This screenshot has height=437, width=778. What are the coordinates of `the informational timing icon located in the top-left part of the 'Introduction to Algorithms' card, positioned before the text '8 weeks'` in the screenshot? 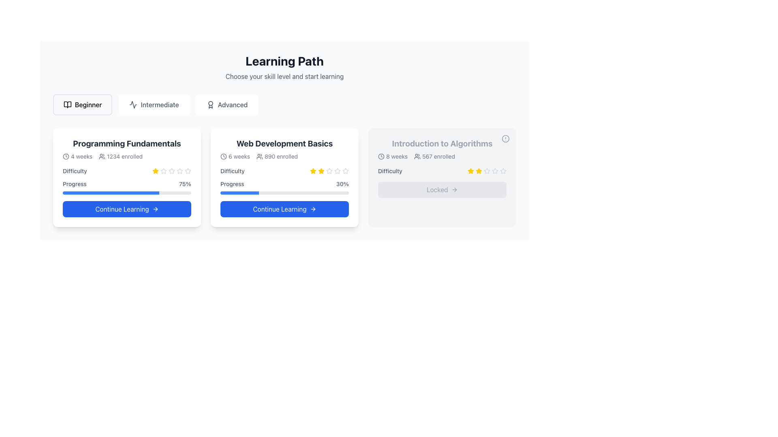 It's located at (380, 156).